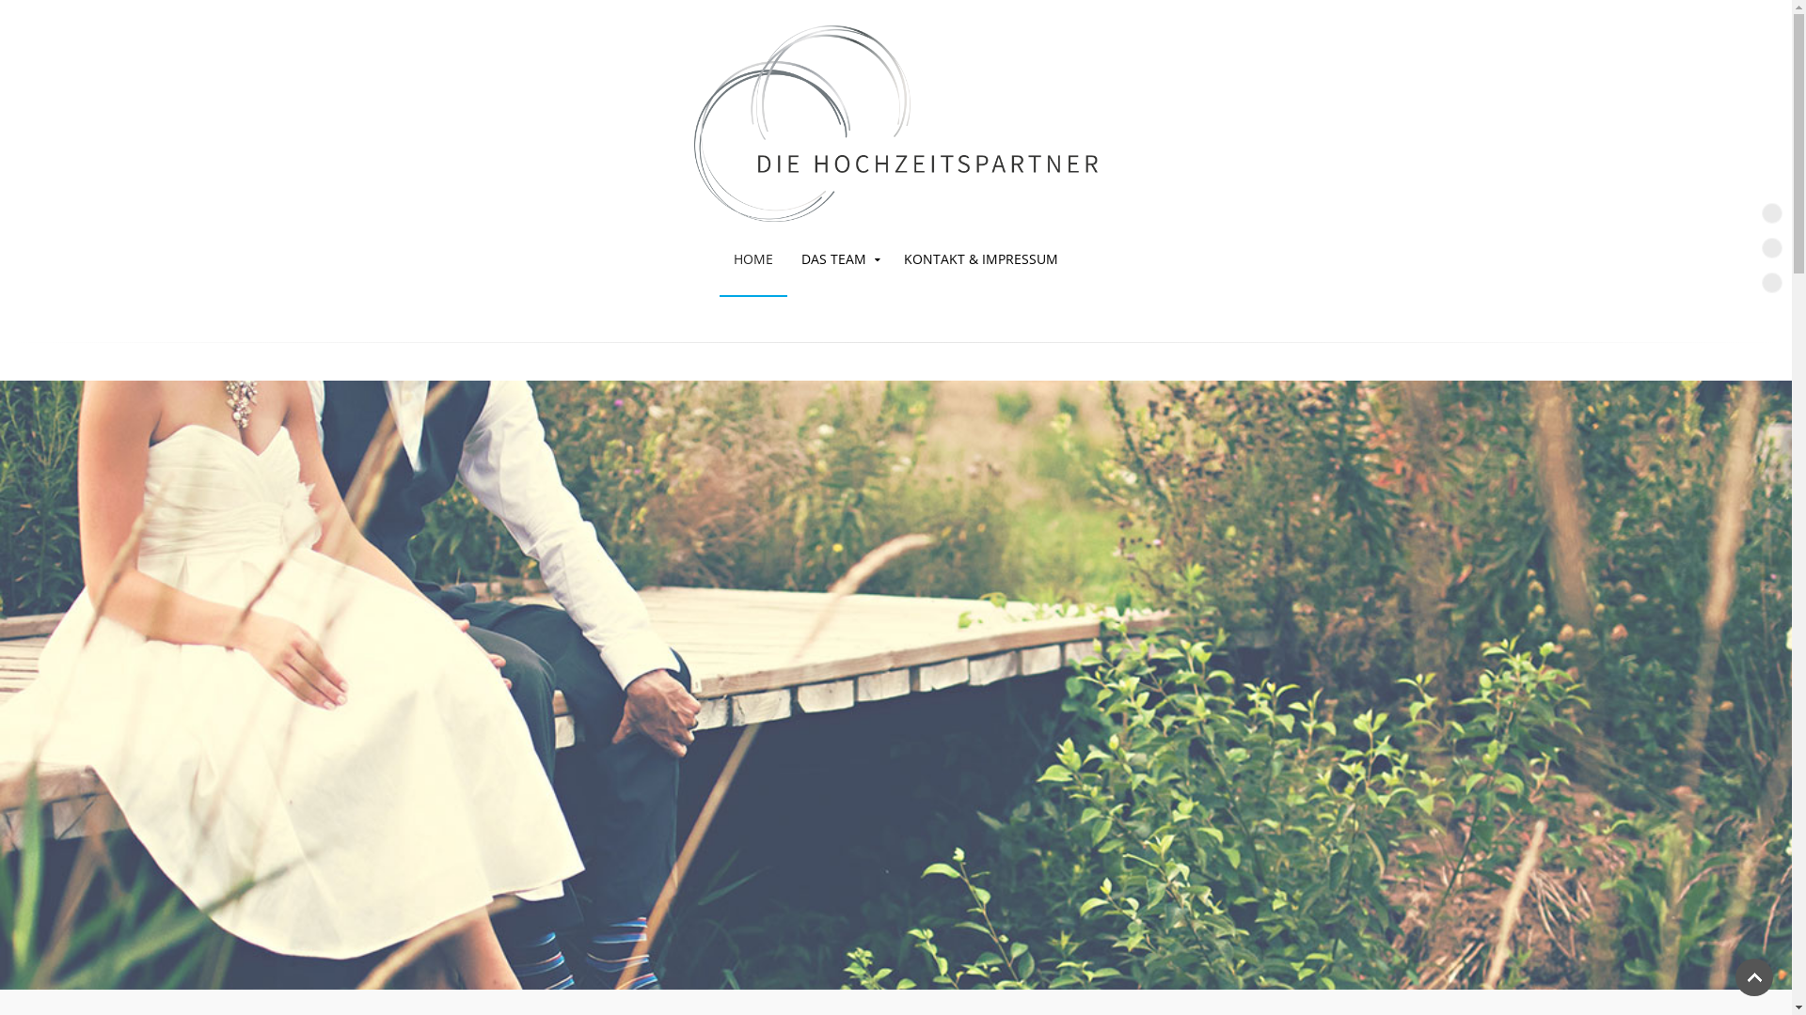 The height and width of the screenshot is (1015, 1806). Describe the element at coordinates (894, 111) in the screenshot. I see `' '` at that location.